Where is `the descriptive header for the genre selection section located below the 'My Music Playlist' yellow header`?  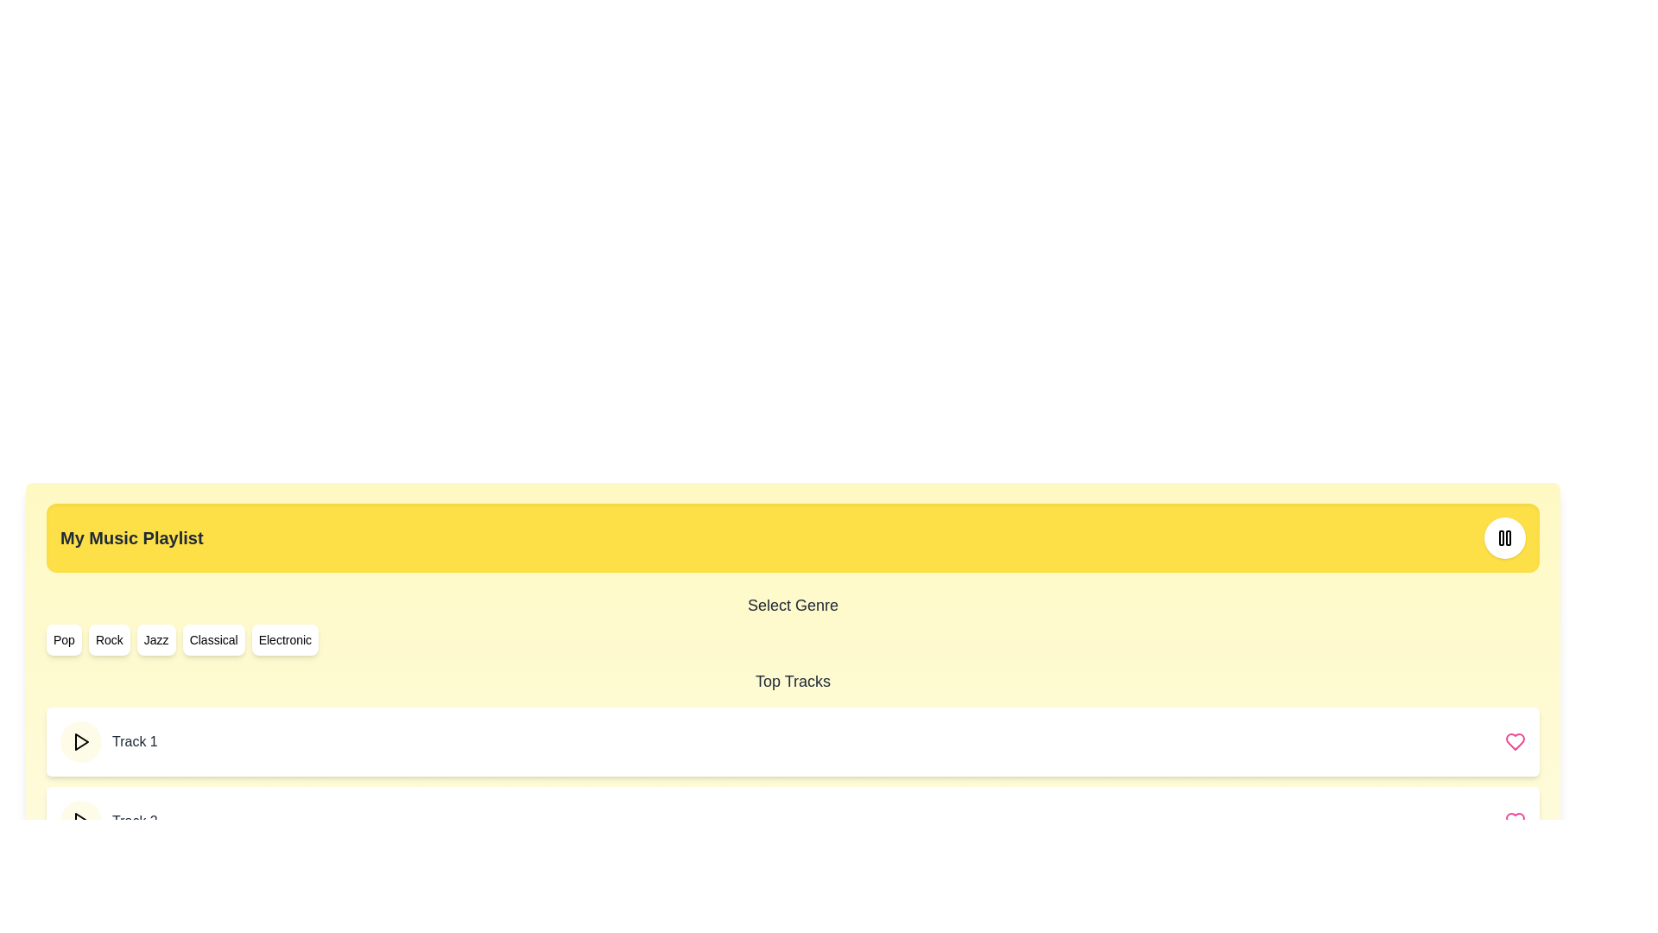 the descriptive header for the genre selection section located below the 'My Music Playlist' yellow header is located at coordinates (792, 605).